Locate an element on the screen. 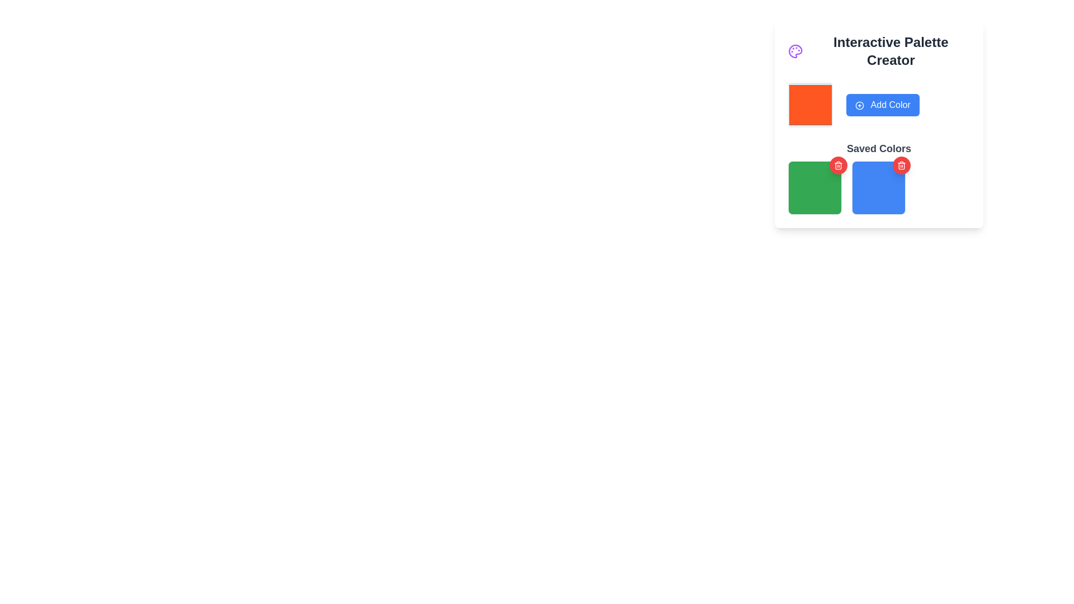  the bright orange color swatch with rounded corners is located at coordinates (811, 105).